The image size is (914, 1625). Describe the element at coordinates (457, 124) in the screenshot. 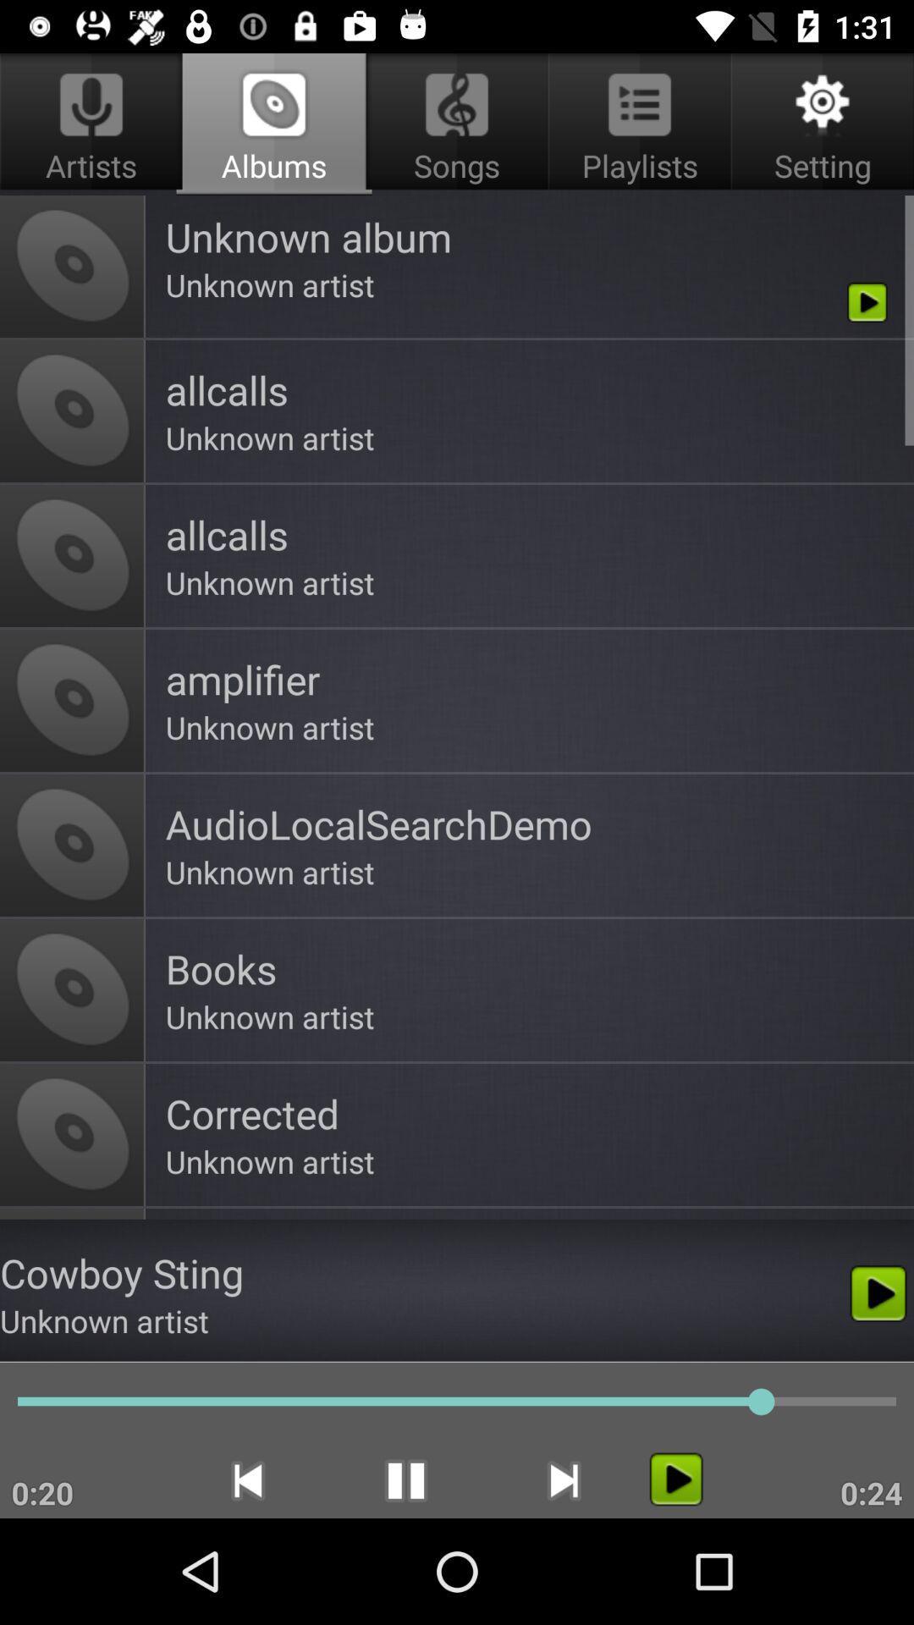

I see `item next to the artists` at that location.